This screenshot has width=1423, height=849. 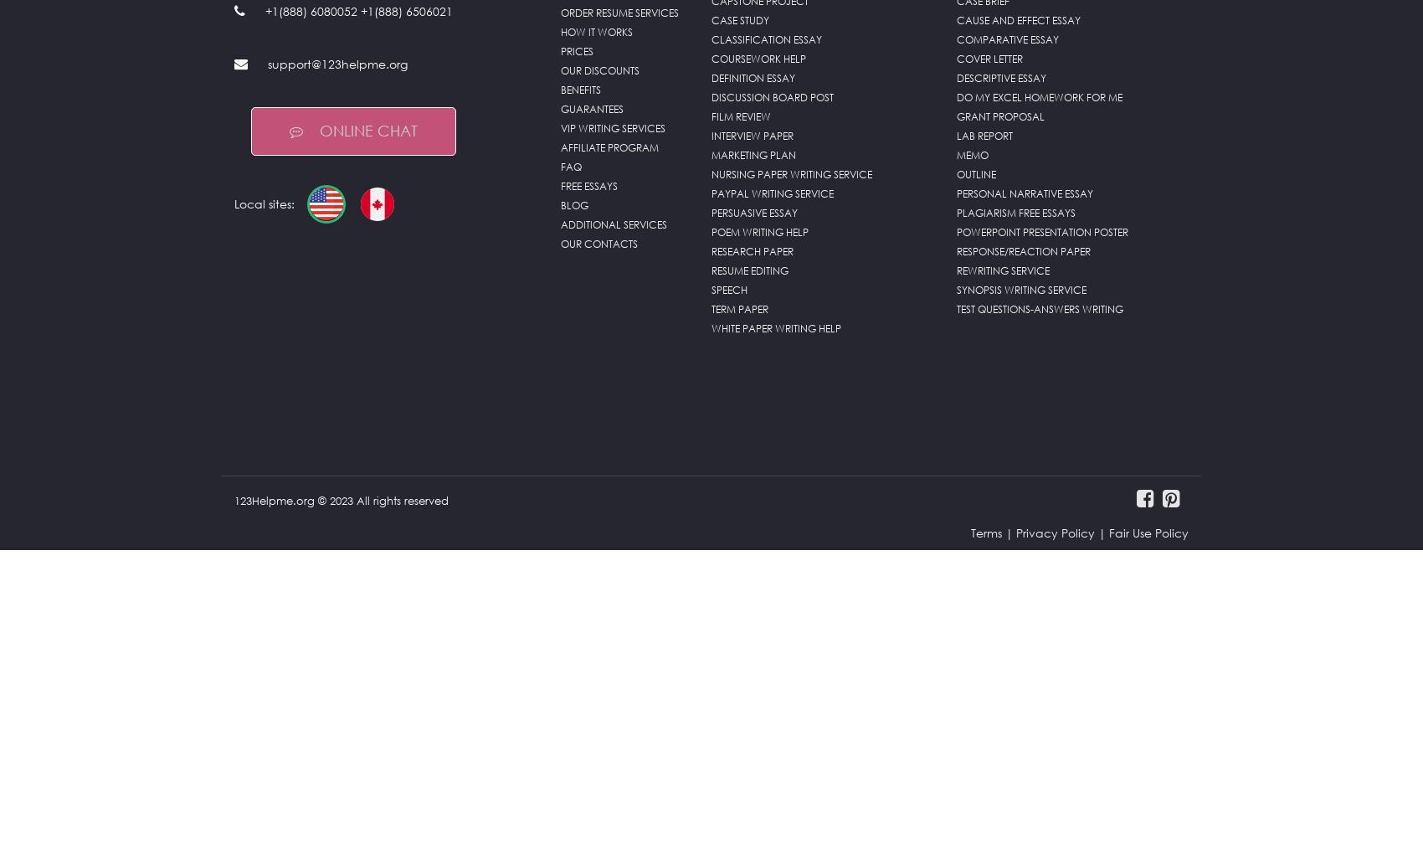 What do you see at coordinates (341, 548) in the screenshot?
I see `'123Helpme.org © 2023 All rights reserved'` at bounding box center [341, 548].